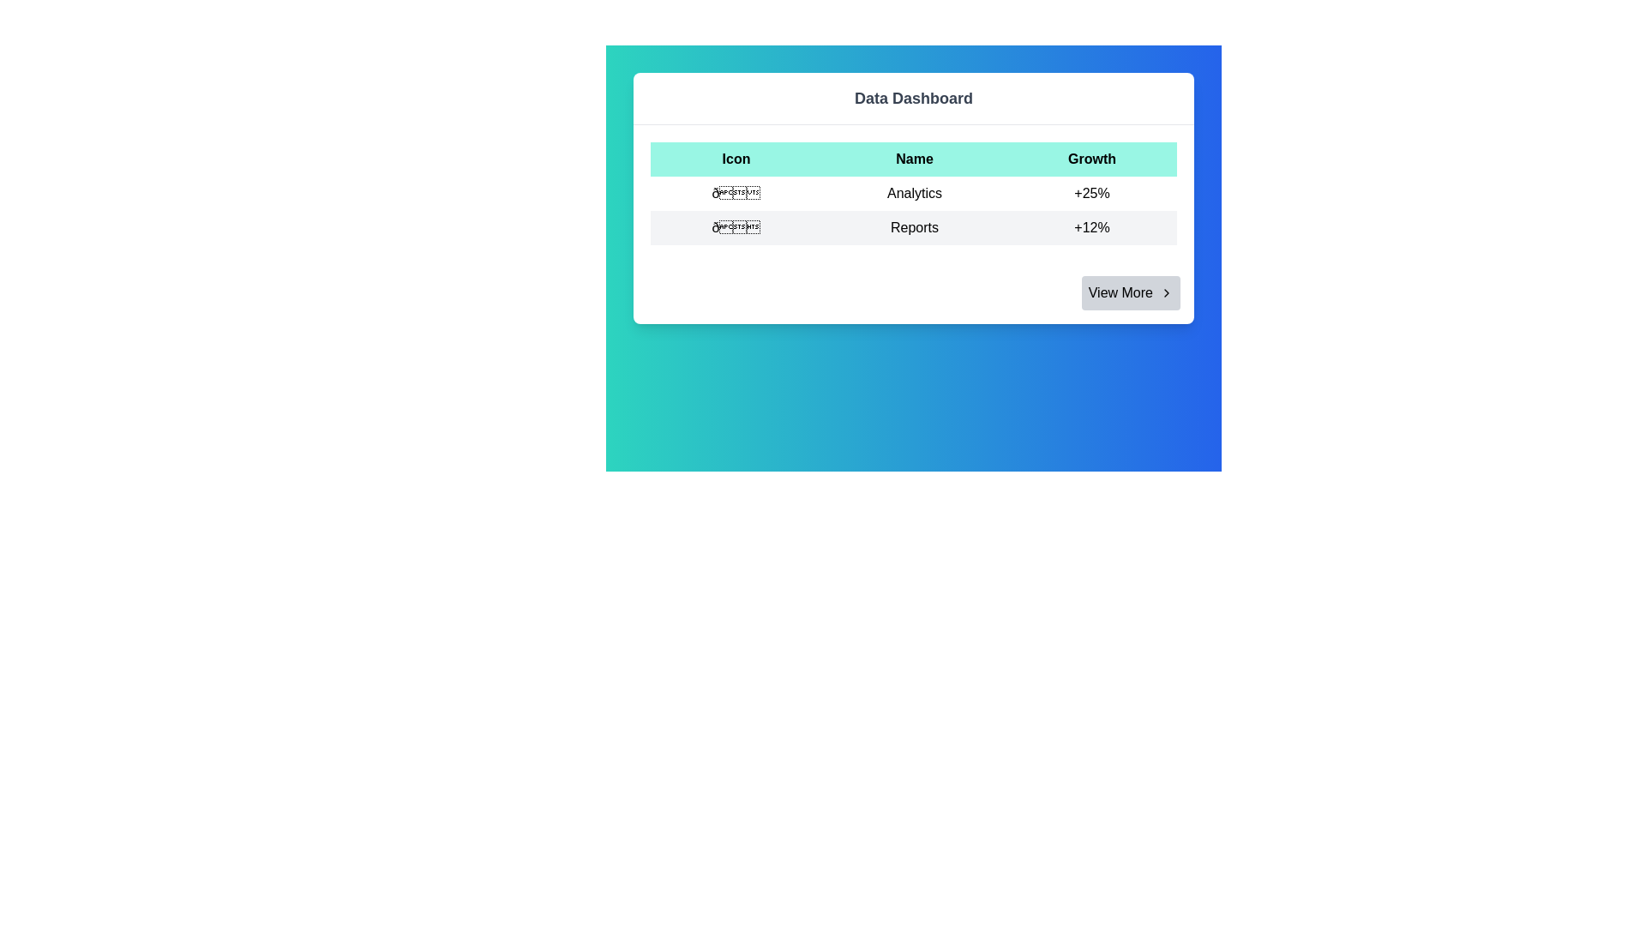  I want to click on content within the A styled data table, which has three columns with headings 'Icon', 'Name', and 'Growth', and is centrally positioned in the modal dialog box, so click(912, 193).